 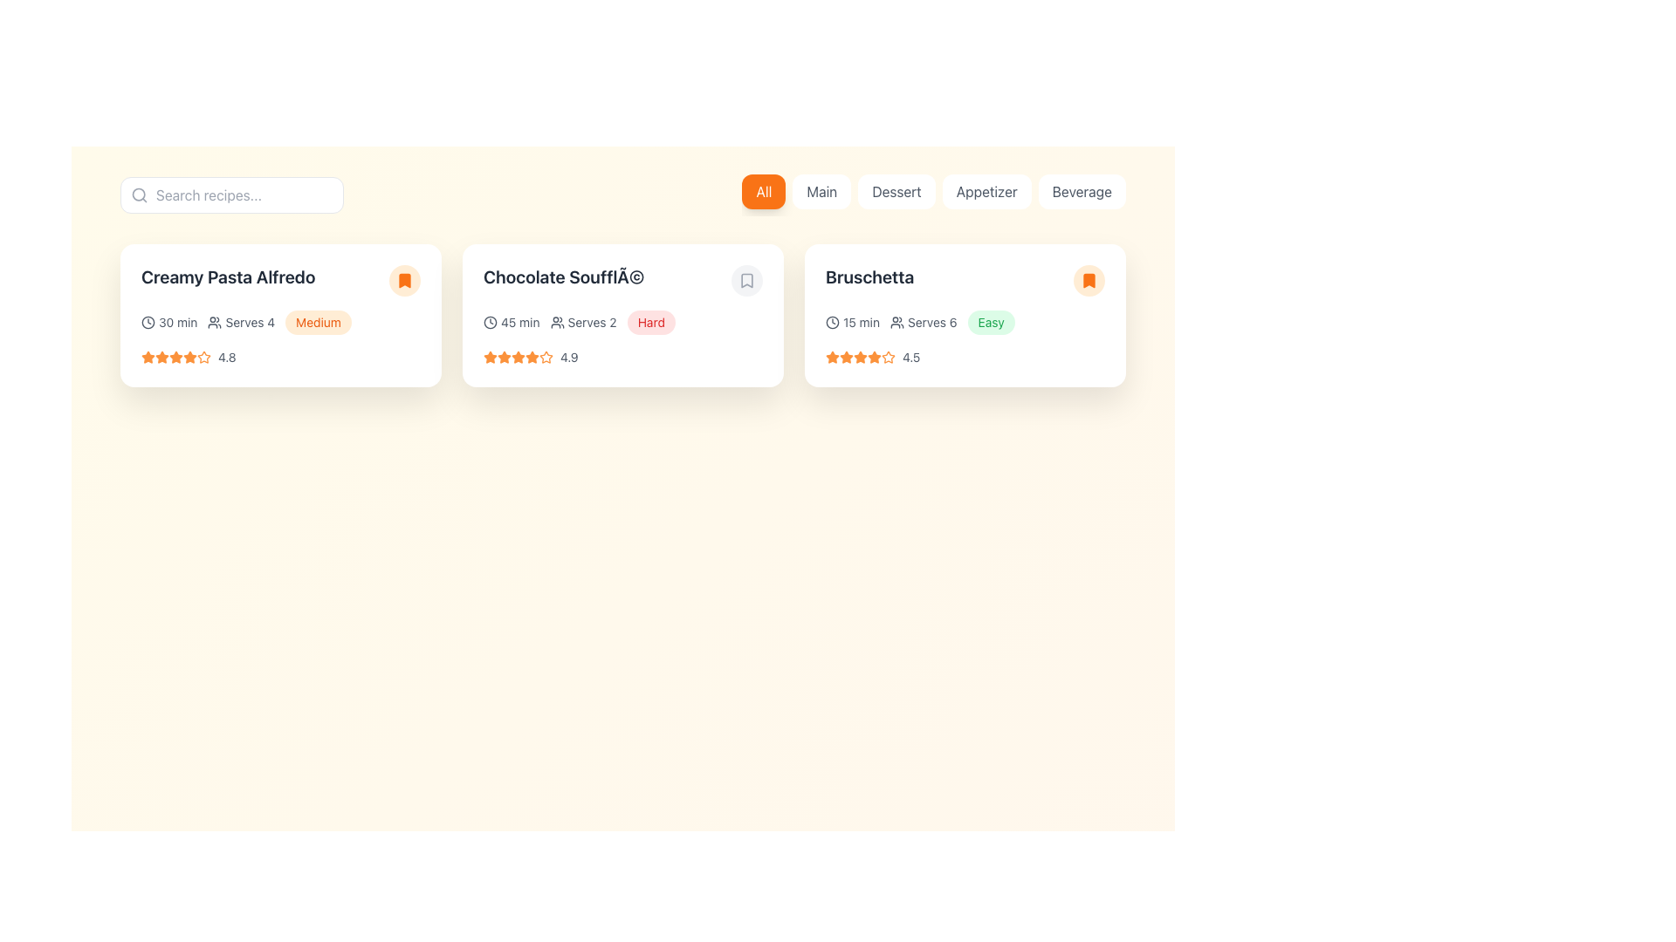 What do you see at coordinates (832, 323) in the screenshot?
I see `the gray clock icon within the 'Bruschetta' card, which is located to the left of the 'Serves 6' text and near the '15 min' text` at bounding box center [832, 323].